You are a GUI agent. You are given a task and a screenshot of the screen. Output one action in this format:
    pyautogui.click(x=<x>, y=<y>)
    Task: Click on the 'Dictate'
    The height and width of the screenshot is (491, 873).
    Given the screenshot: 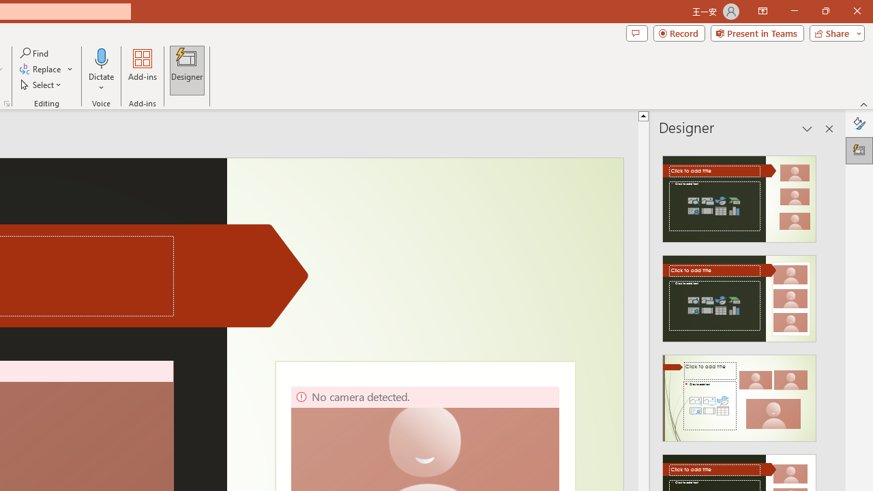 What is the action you would take?
    pyautogui.click(x=101, y=57)
    